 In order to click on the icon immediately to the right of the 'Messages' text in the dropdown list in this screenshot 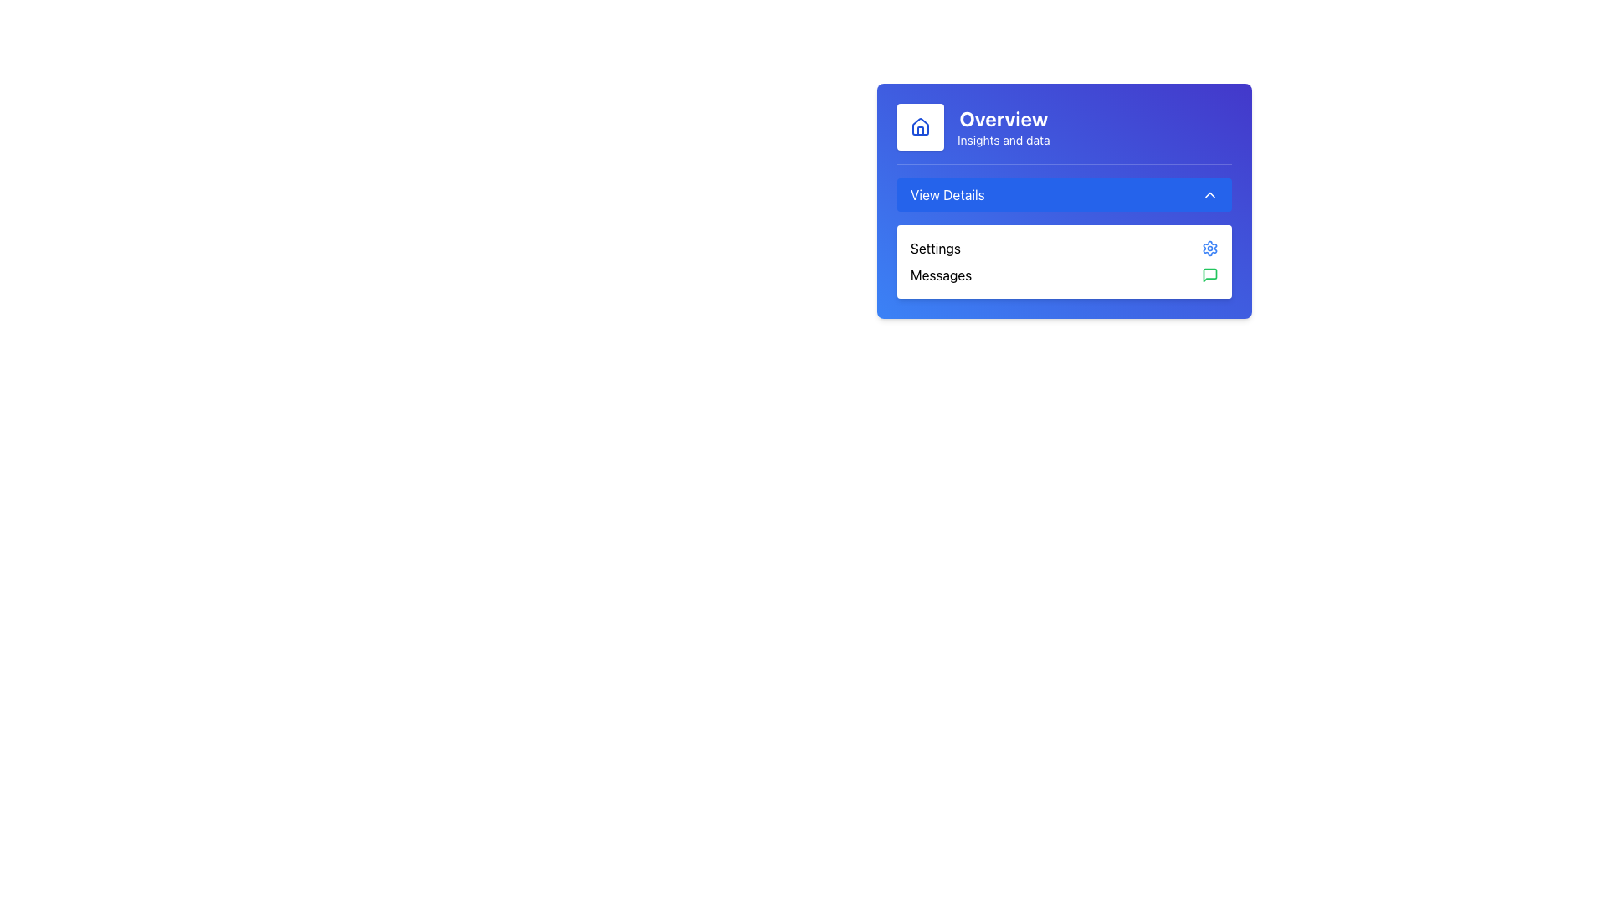, I will do `click(1209, 274)`.